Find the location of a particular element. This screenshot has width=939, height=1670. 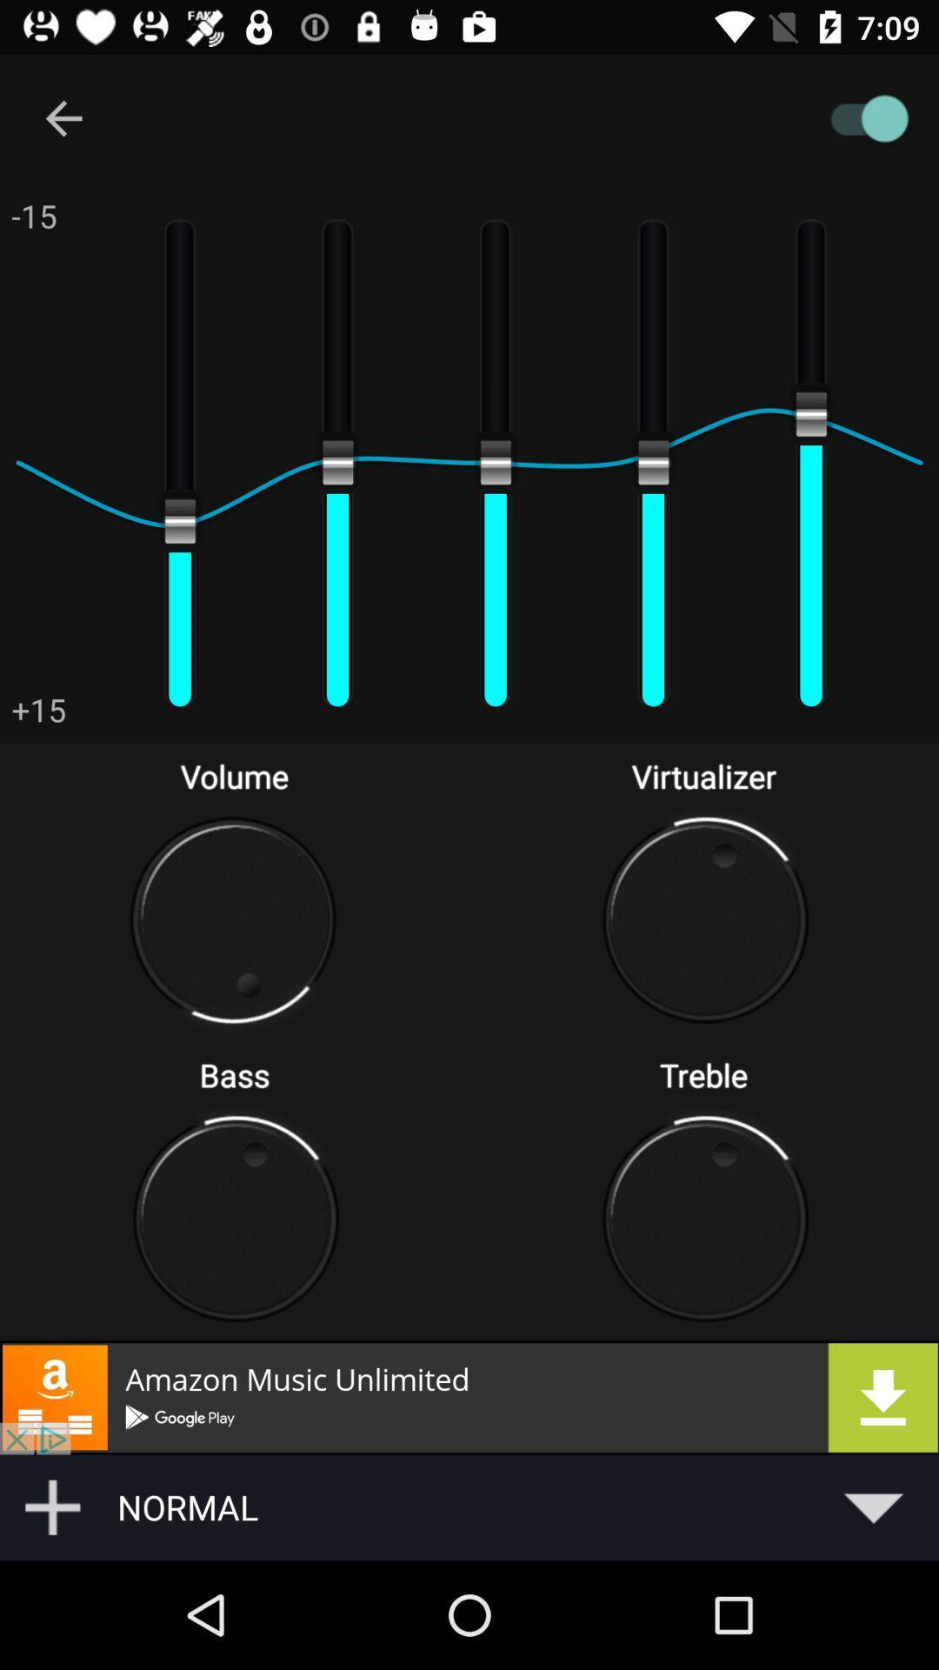

download app is located at coordinates (469, 1397).